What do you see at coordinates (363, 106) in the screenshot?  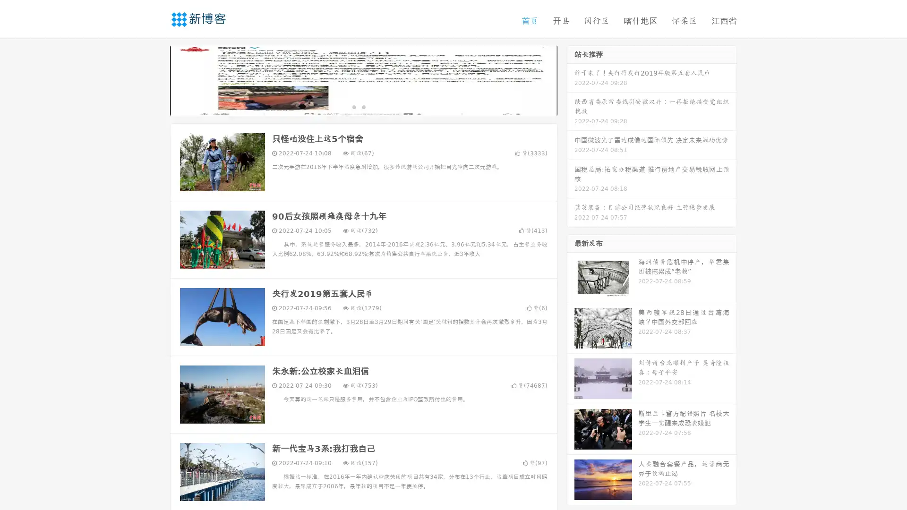 I see `Go to slide 2` at bounding box center [363, 106].